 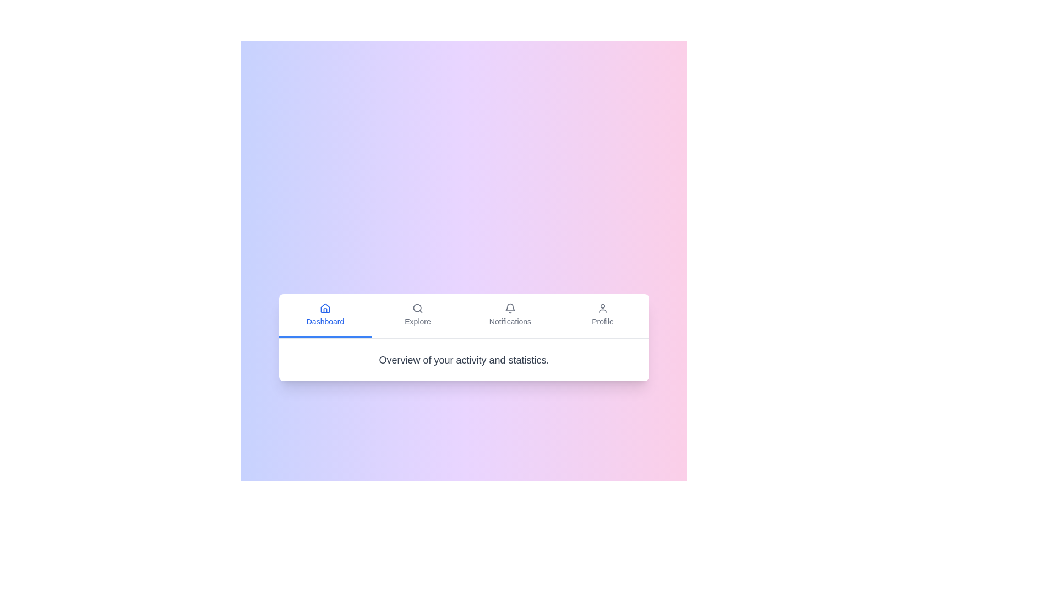 I want to click on the Explore tab, so click(x=417, y=316).